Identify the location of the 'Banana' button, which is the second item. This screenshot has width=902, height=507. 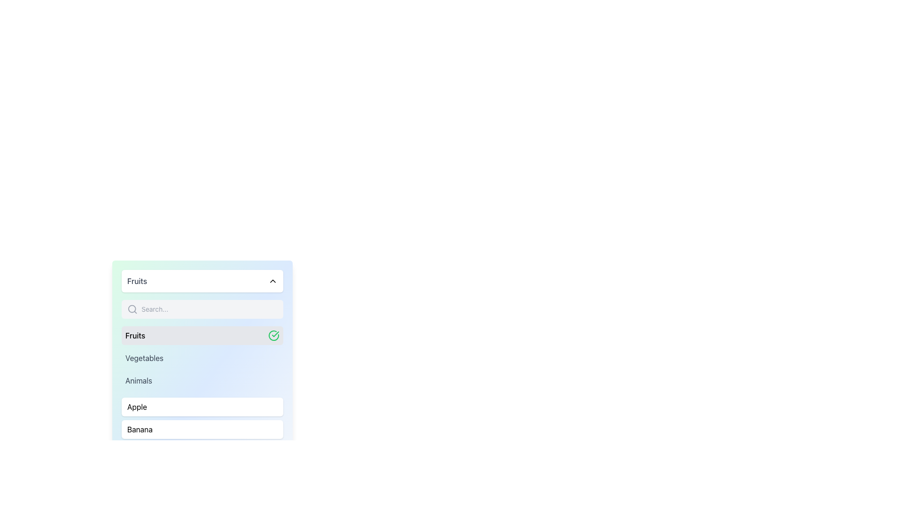
(202, 429).